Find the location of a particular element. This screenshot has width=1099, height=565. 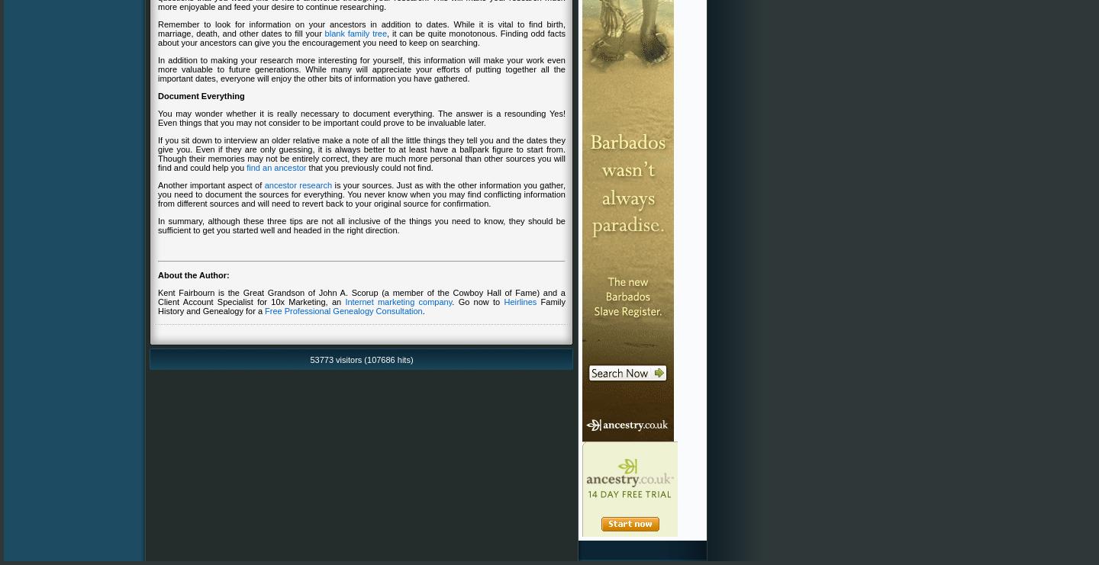

'.' is located at coordinates (421, 310).